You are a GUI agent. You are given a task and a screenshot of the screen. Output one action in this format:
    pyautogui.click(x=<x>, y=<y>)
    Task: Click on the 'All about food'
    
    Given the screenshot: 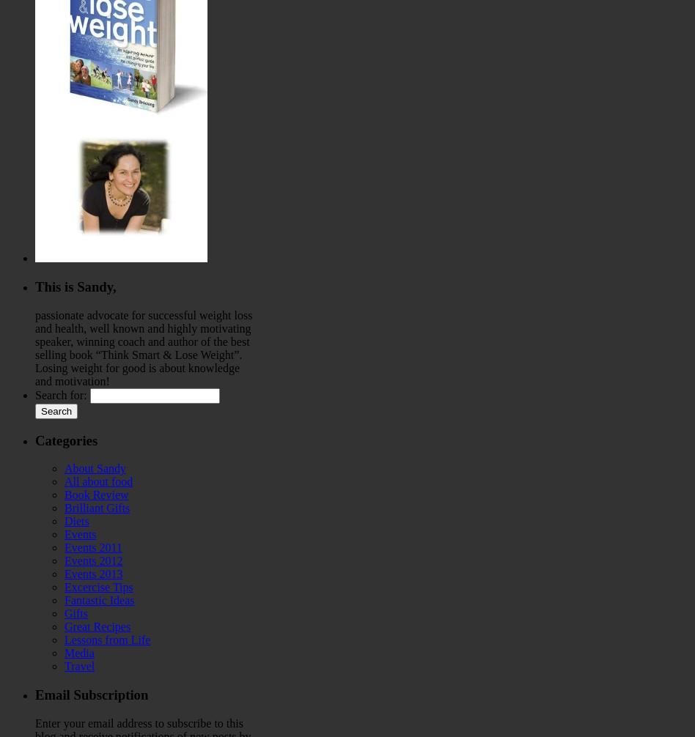 What is the action you would take?
    pyautogui.click(x=98, y=481)
    